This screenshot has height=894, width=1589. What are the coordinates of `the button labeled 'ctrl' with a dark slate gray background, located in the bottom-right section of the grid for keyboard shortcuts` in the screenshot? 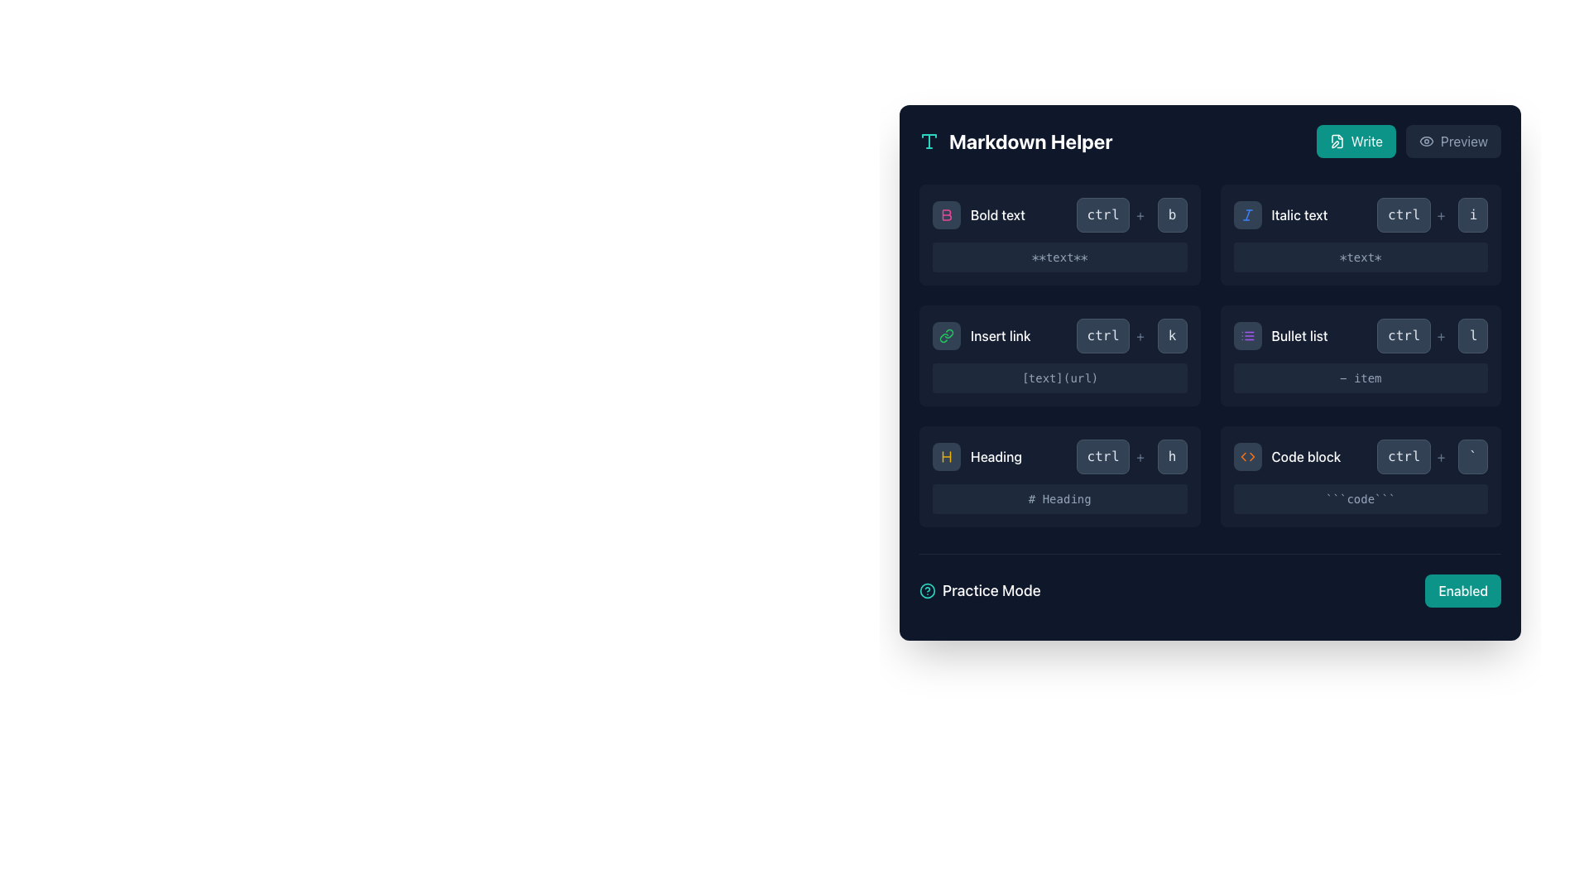 It's located at (1403, 456).